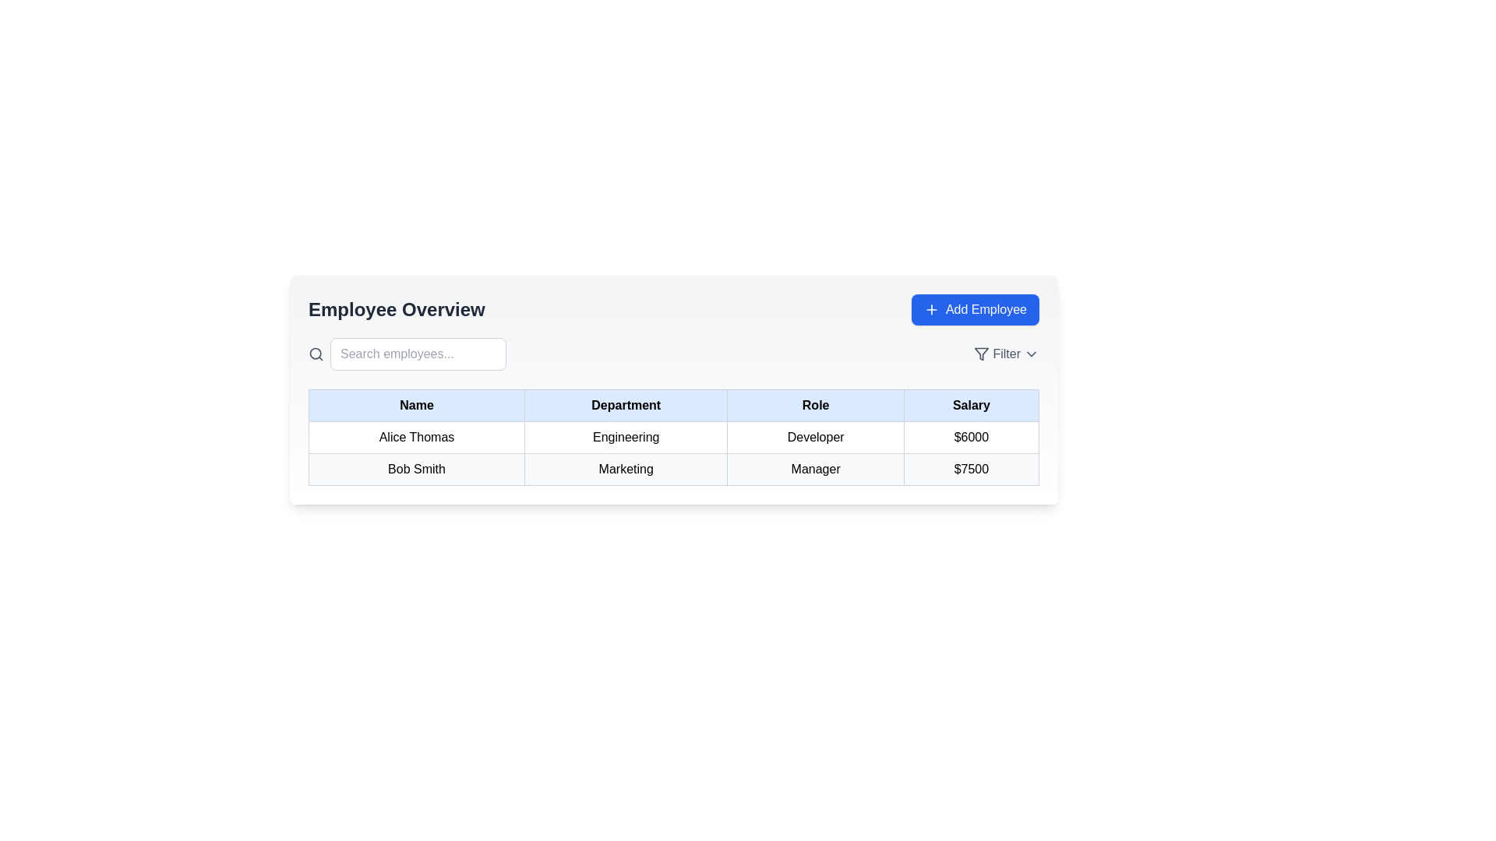  I want to click on the 'Add Employee' button, which is a rectangular button with a blue background and white text, located in the header section above the employee data table, so click(975, 309).